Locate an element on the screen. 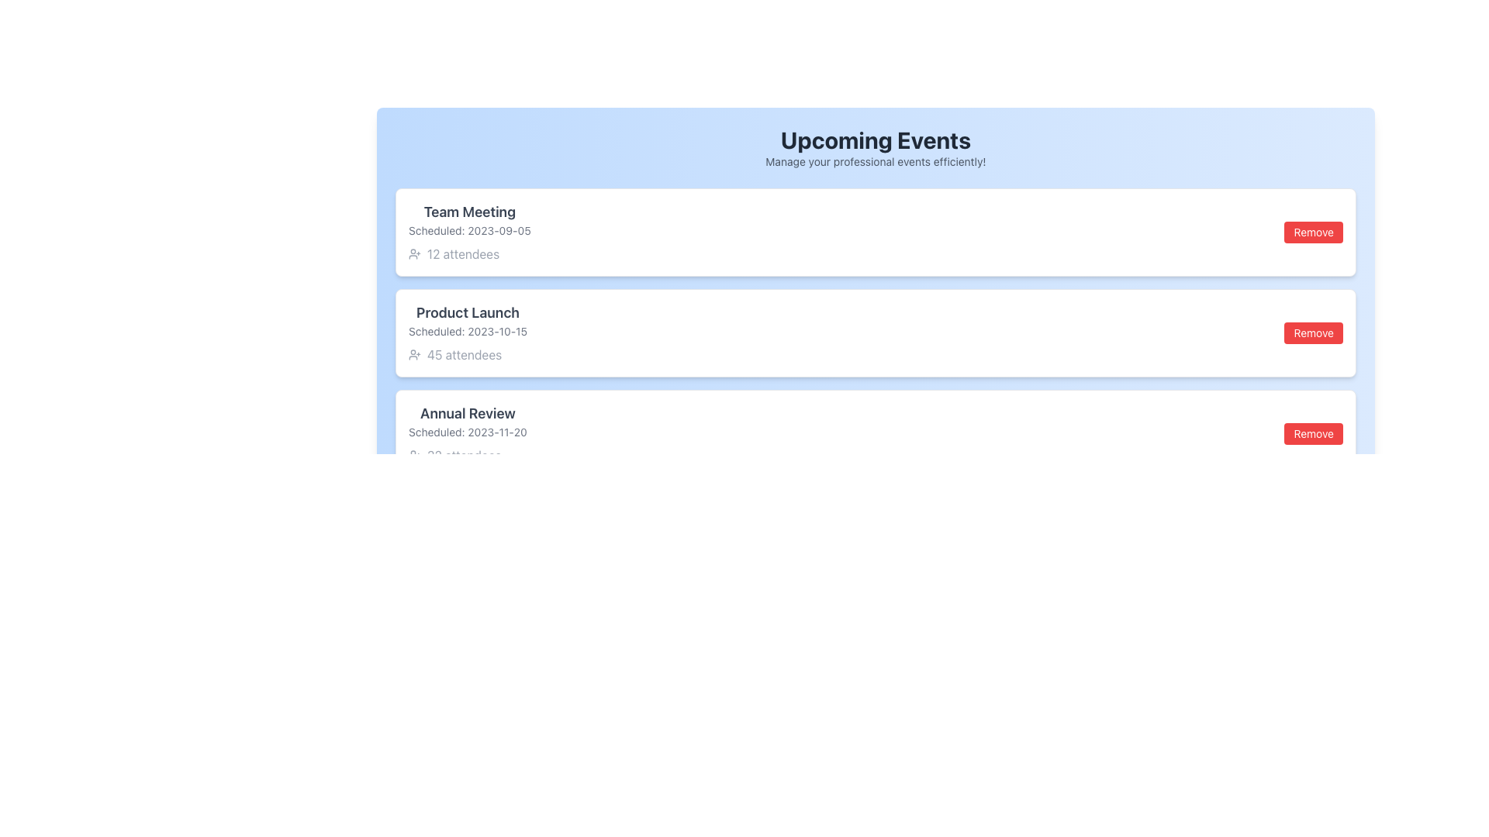  the text displaying '12 attendees' in the 'Team Meeting' event card, which provides the attendee count for the meeting is located at coordinates (462, 253).